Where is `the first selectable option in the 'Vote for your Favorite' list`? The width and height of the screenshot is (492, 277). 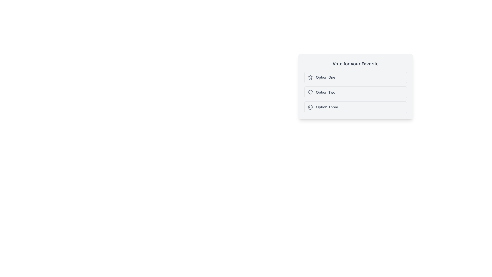
the first selectable option in the 'Vote for your Favorite' list is located at coordinates (355, 77).